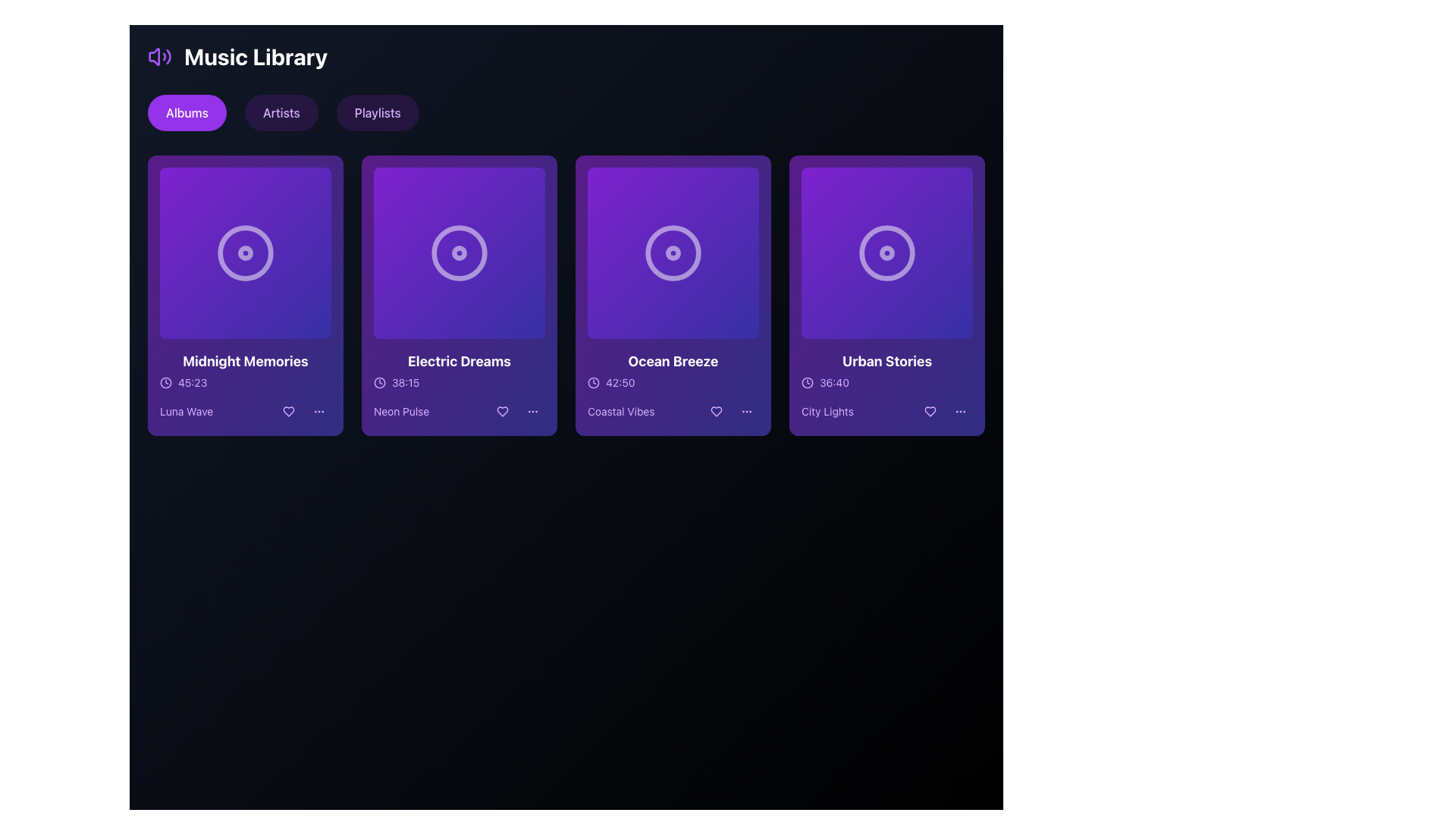 The width and height of the screenshot is (1456, 819). I want to click on the time icon located within the 'Midnight Memories' card in the 'Albums' section, which is positioned to the left of the text '45:23', so click(166, 382).